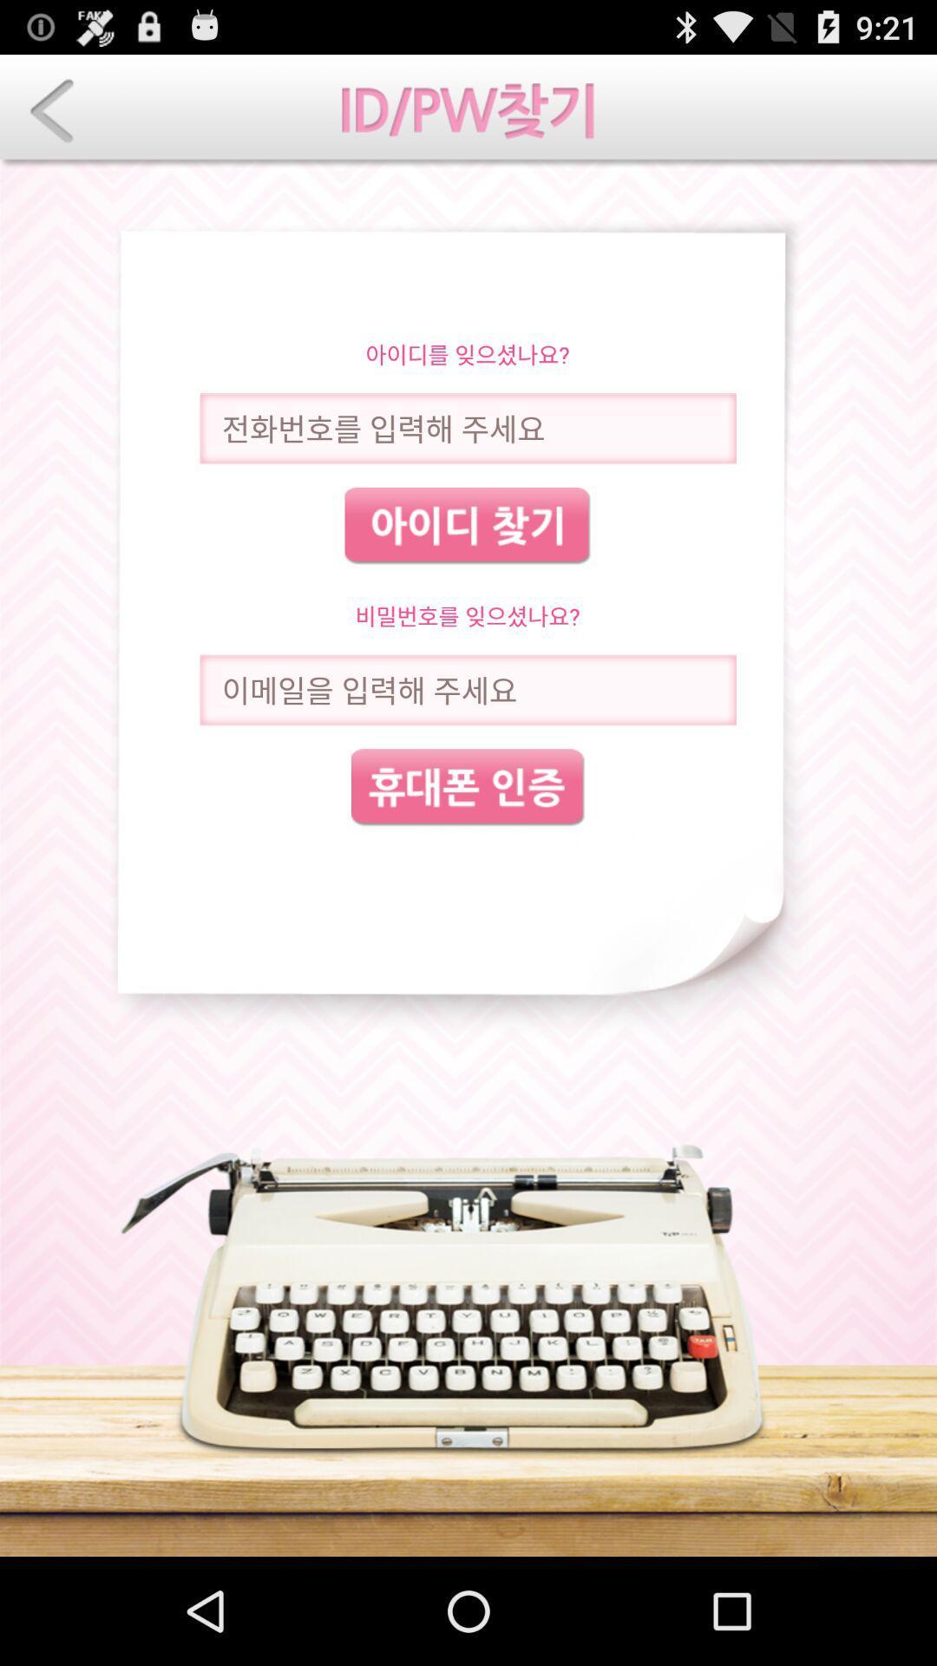  What do you see at coordinates (51, 118) in the screenshot?
I see `the arrow_backward icon` at bounding box center [51, 118].